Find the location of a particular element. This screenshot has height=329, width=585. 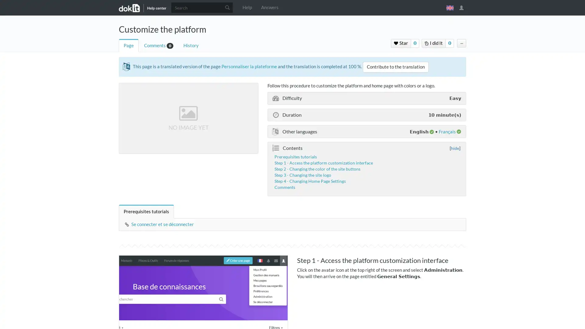

Star is located at coordinates (401, 43).